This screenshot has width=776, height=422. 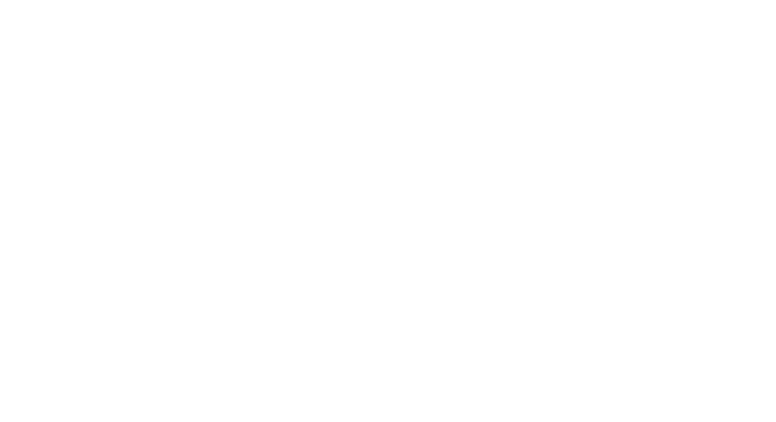 What do you see at coordinates (159, 280) in the screenshot?
I see `'–          Portion control. Have you ever tried having smaller snacks
 instead of a large meal during the night to avoid becoming too sleepy? 
If you have had a large meal at the usual time for dinner, you may end 
up overeating if you pack another full meal to eat throughout the night.'` at bounding box center [159, 280].